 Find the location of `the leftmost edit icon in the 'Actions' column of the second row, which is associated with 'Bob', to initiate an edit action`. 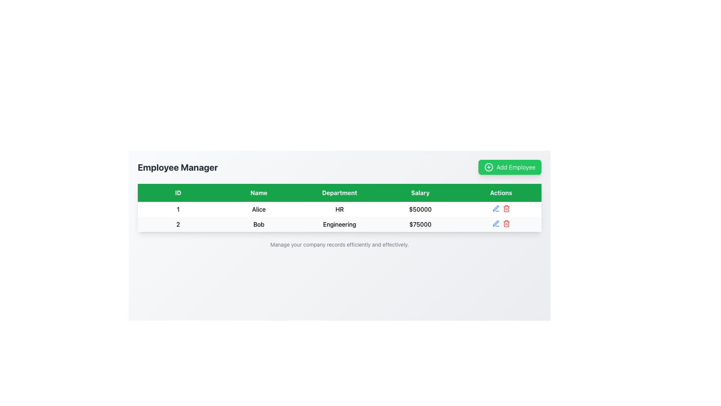

the leftmost edit icon in the 'Actions' column of the second row, which is associated with 'Bob', to initiate an edit action is located at coordinates (496, 208).